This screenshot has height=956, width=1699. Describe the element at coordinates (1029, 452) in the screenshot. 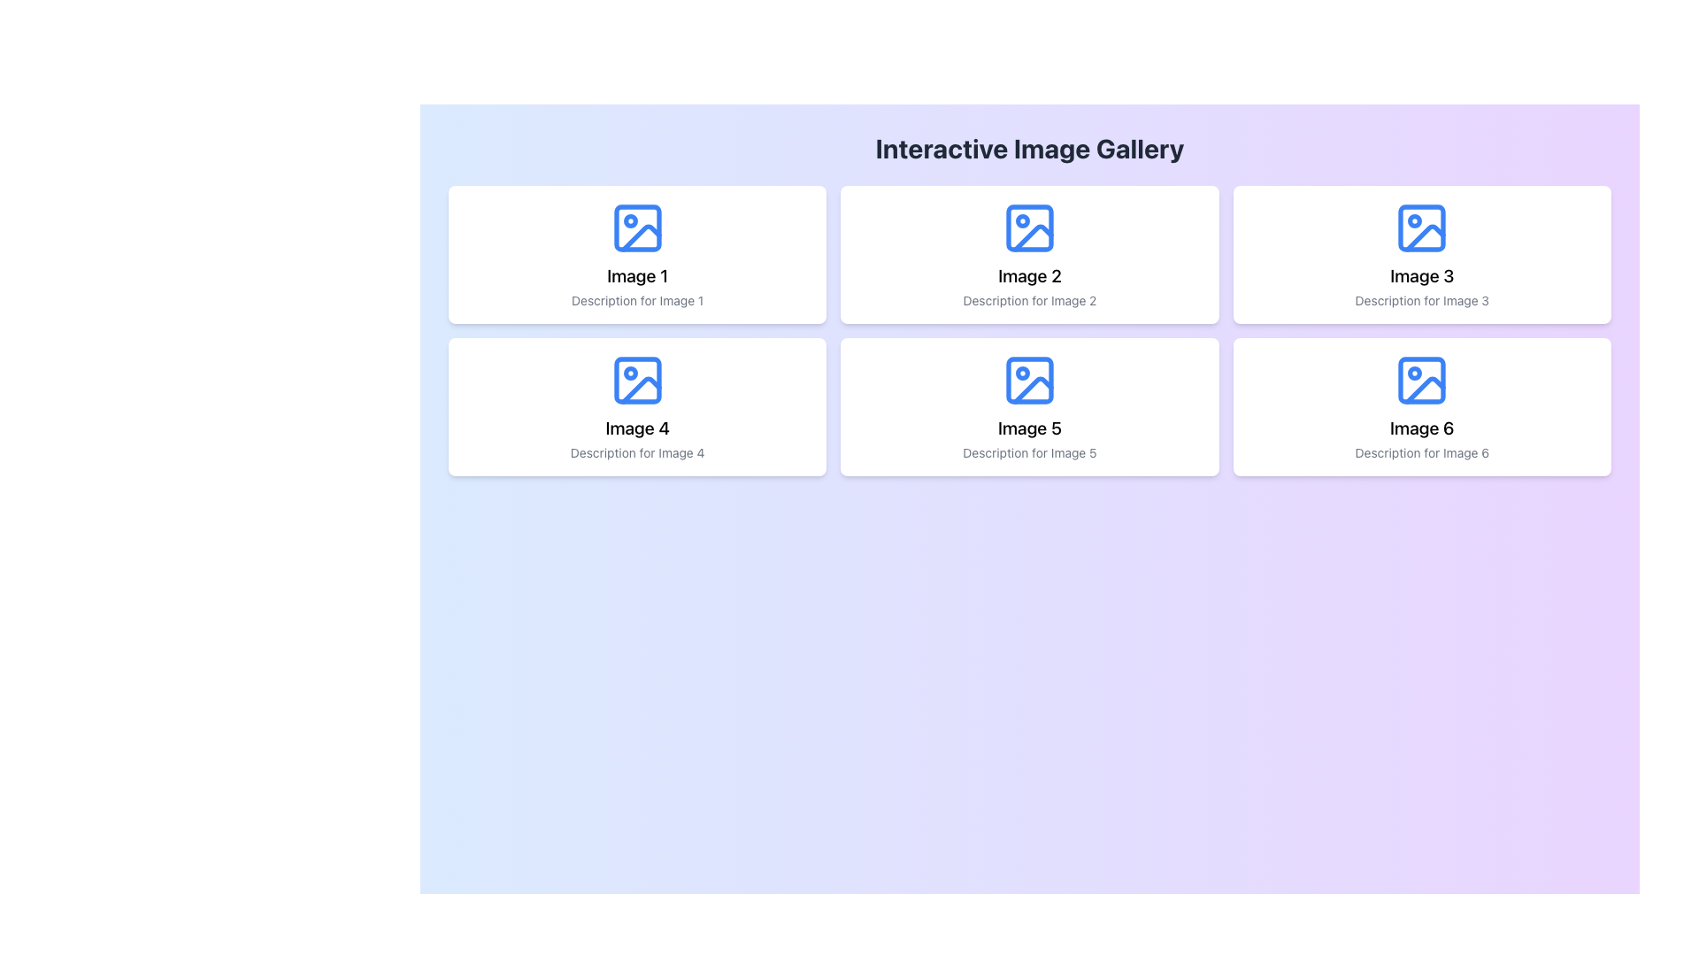

I see `the descriptive text label located below 'Image 5' in the second row, second column of the image gallery layout` at that location.